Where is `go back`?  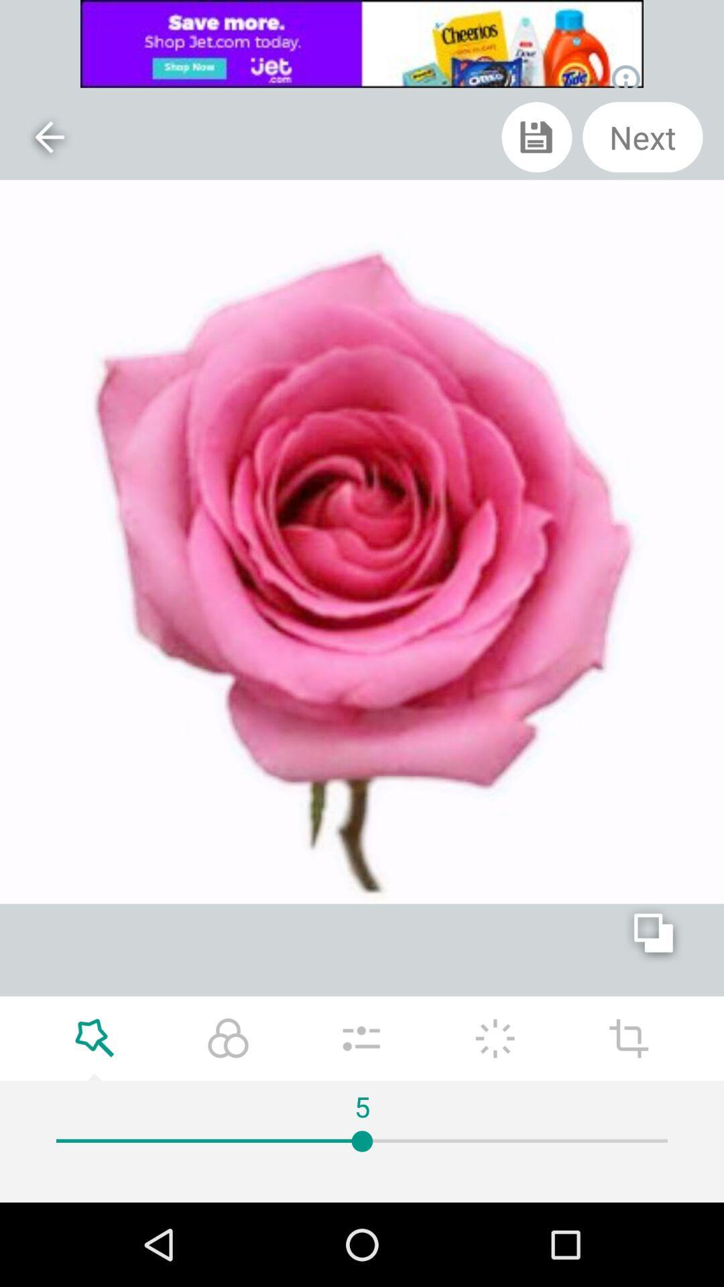
go back is located at coordinates (48, 137).